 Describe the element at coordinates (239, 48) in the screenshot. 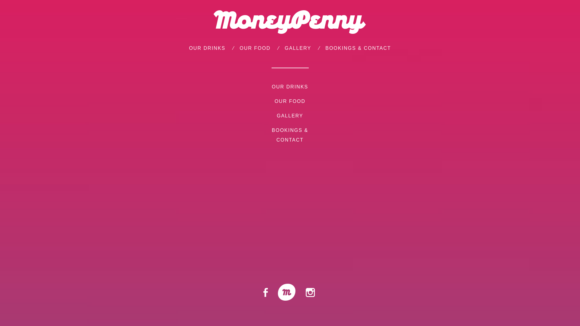

I see `'OUR FOOD'` at that location.